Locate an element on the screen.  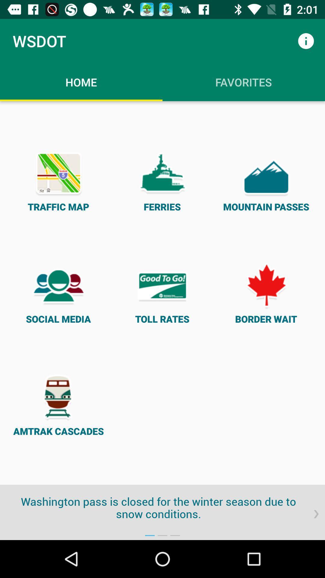
the item next to ferries item is located at coordinates (266, 180).